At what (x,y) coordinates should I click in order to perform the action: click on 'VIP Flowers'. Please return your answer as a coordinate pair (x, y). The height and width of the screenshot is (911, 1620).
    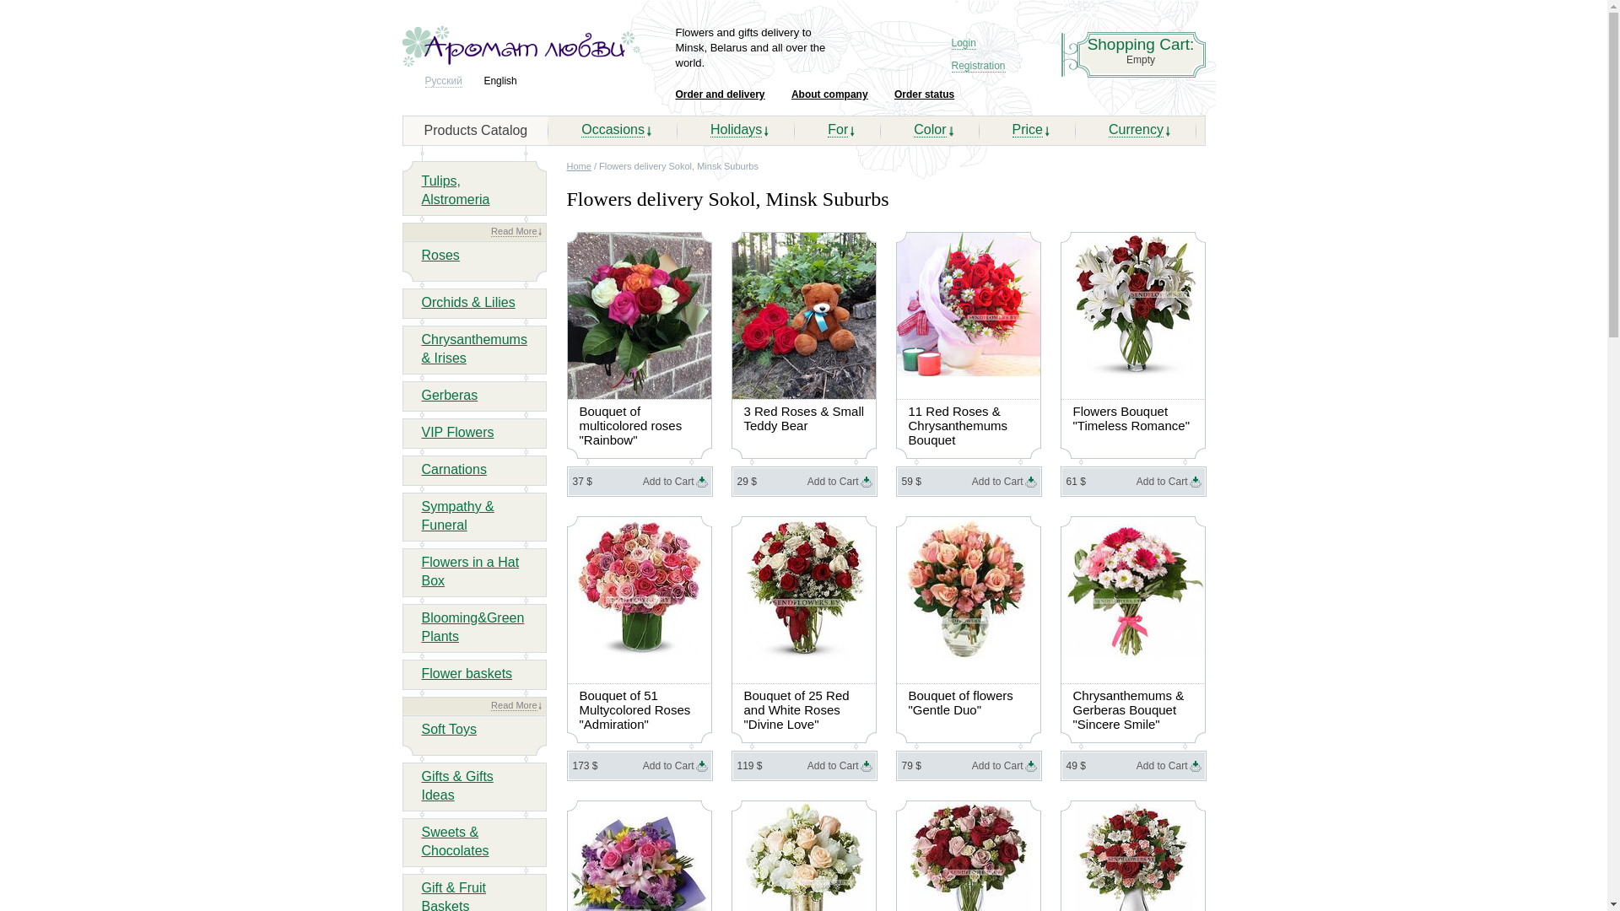
    Looking at the image, I should click on (421, 431).